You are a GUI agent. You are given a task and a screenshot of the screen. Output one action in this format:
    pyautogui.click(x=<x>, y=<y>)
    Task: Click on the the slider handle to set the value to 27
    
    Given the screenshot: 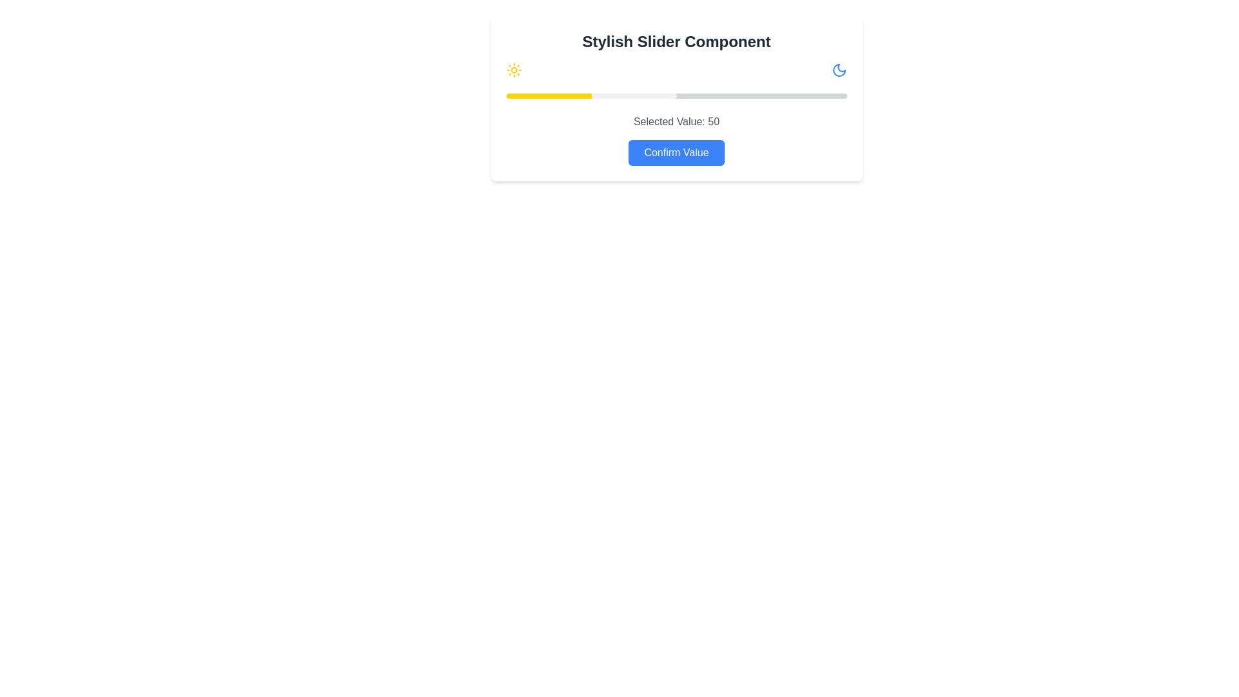 What is the action you would take?
    pyautogui.click(x=597, y=96)
    